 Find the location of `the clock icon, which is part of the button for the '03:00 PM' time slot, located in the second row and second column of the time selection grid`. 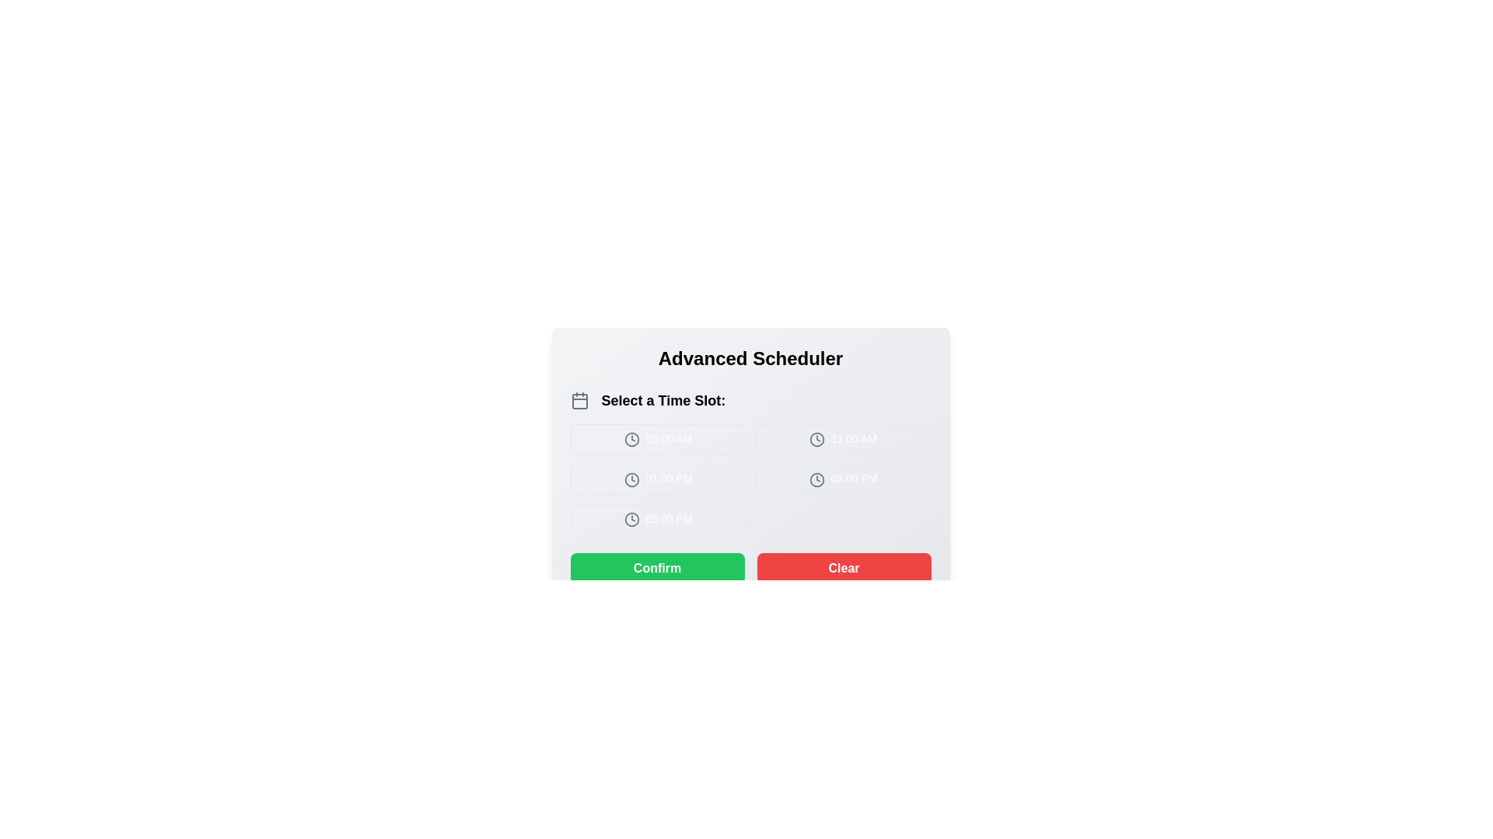

the clock icon, which is part of the button for the '03:00 PM' time slot, located in the second row and second column of the time selection grid is located at coordinates (816, 479).